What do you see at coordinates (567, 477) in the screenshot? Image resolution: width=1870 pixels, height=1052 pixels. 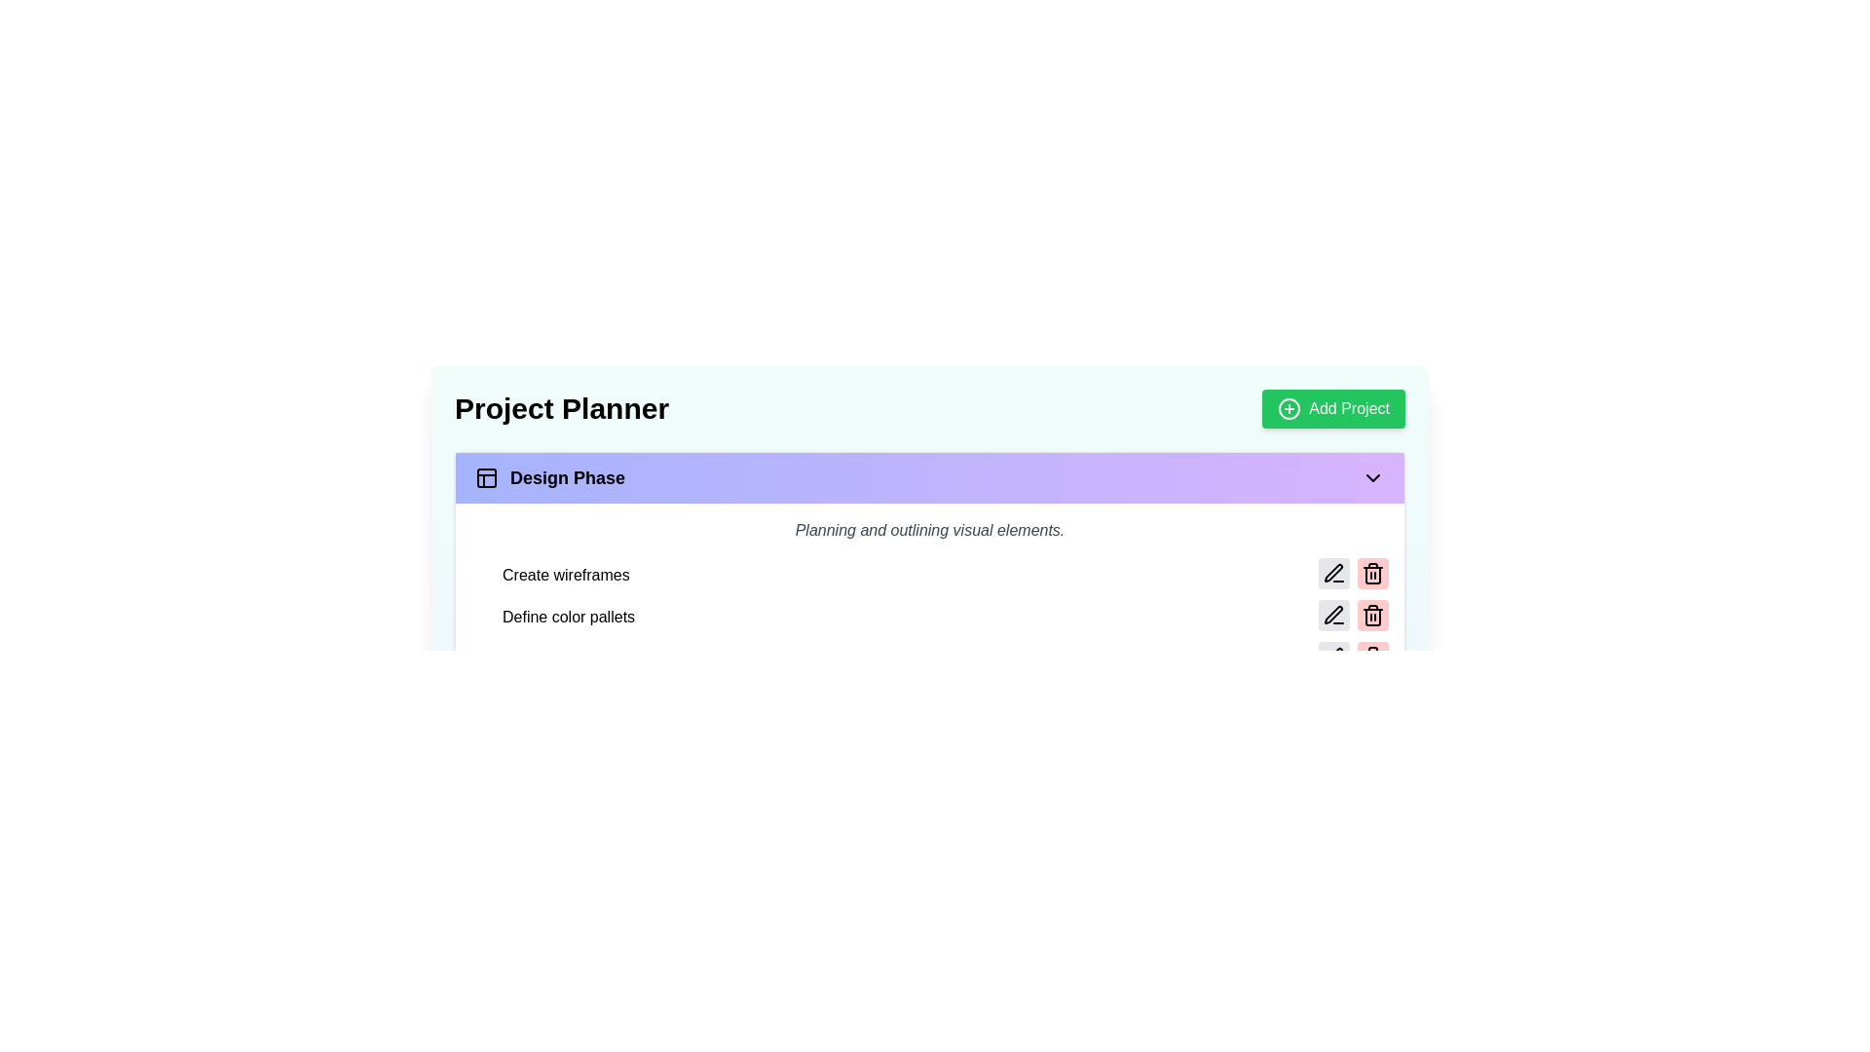 I see `the text label indicating the phase or category of a project or task, which is positioned as the rightmost component next to the left-aligned icon` at bounding box center [567, 477].